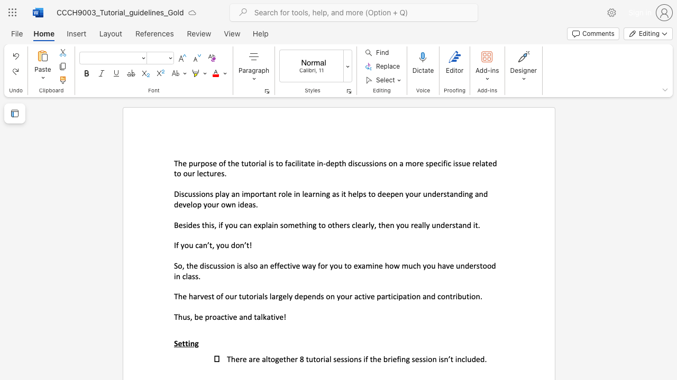  I want to click on the subset text ", yo" within the text "If you can’t, you don’t!", so click(212, 245).